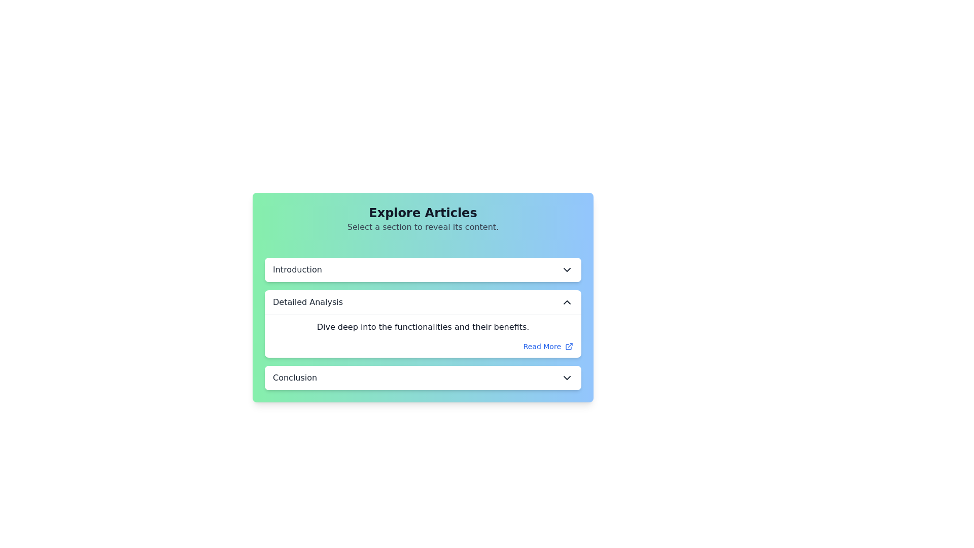  What do you see at coordinates (541, 346) in the screenshot?
I see `the 'Read More' link located at the bottom-right of the 'Detailed Analysis' section` at bounding box center [541, 346].